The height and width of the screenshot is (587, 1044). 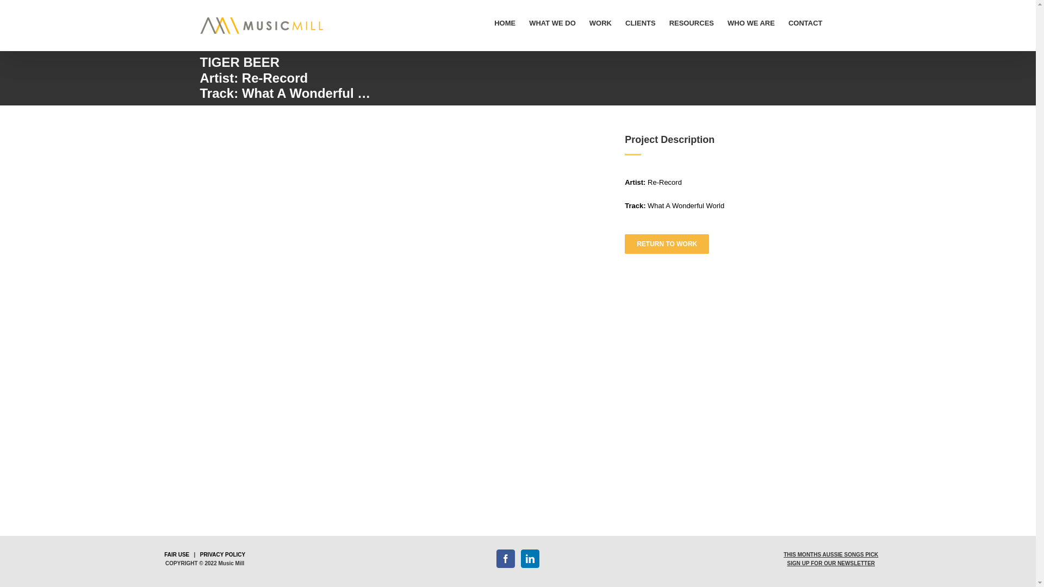 What do you see at coordinates (830, 554) in the screenshot?
I see `'THIS MONTHS AUSSIE SONGS PICK'` at bounding box center [830, 554].